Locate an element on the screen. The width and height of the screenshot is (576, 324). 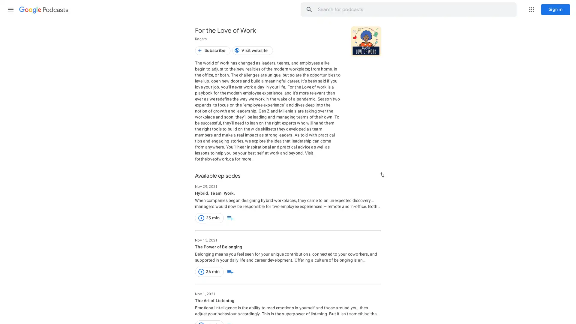
Add to queue is located at coordinates (230, 272).